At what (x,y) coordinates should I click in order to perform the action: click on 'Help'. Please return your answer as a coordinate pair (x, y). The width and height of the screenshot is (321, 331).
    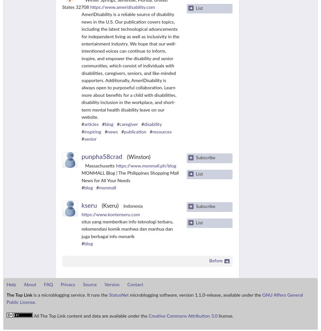
    Looking at the image, I should click on (11, 284).